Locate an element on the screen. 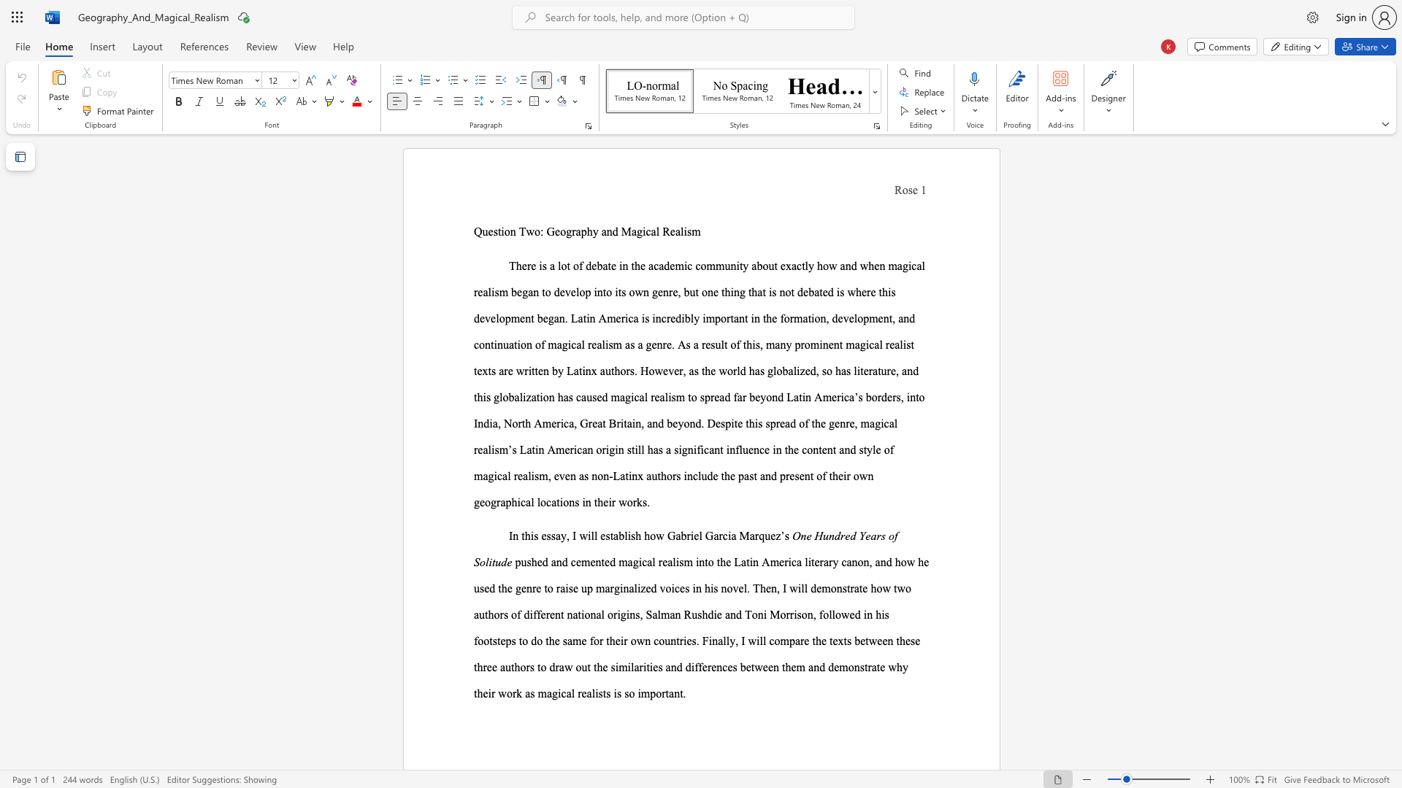  the subset text "te" within the text "demonstrate" is located at coordinates (859, 587).